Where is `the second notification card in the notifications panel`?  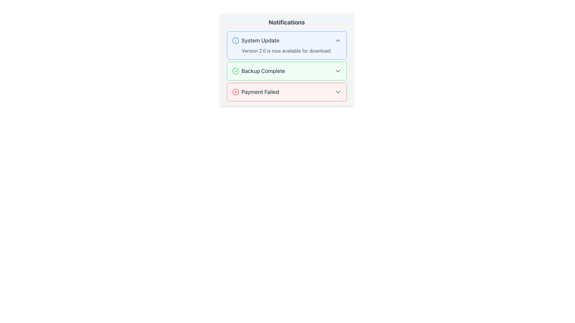 the second notification card in the notifications panel is located at coordinates (286, 66).